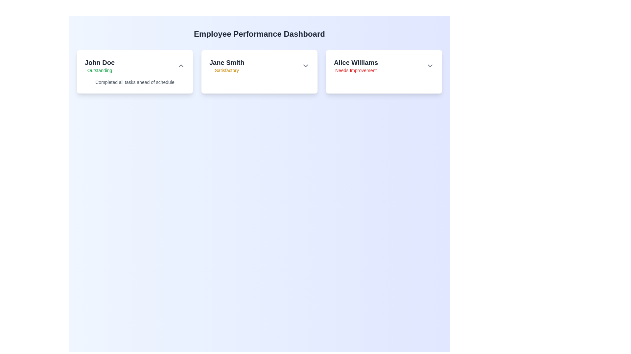  What do you see at coordinates (181, 66) in the screenshot?
I see `the upward-pointing arrow button in the upper-right corner of John Doe's performance card using keyboard navigation` at bounding box center [181, 66].